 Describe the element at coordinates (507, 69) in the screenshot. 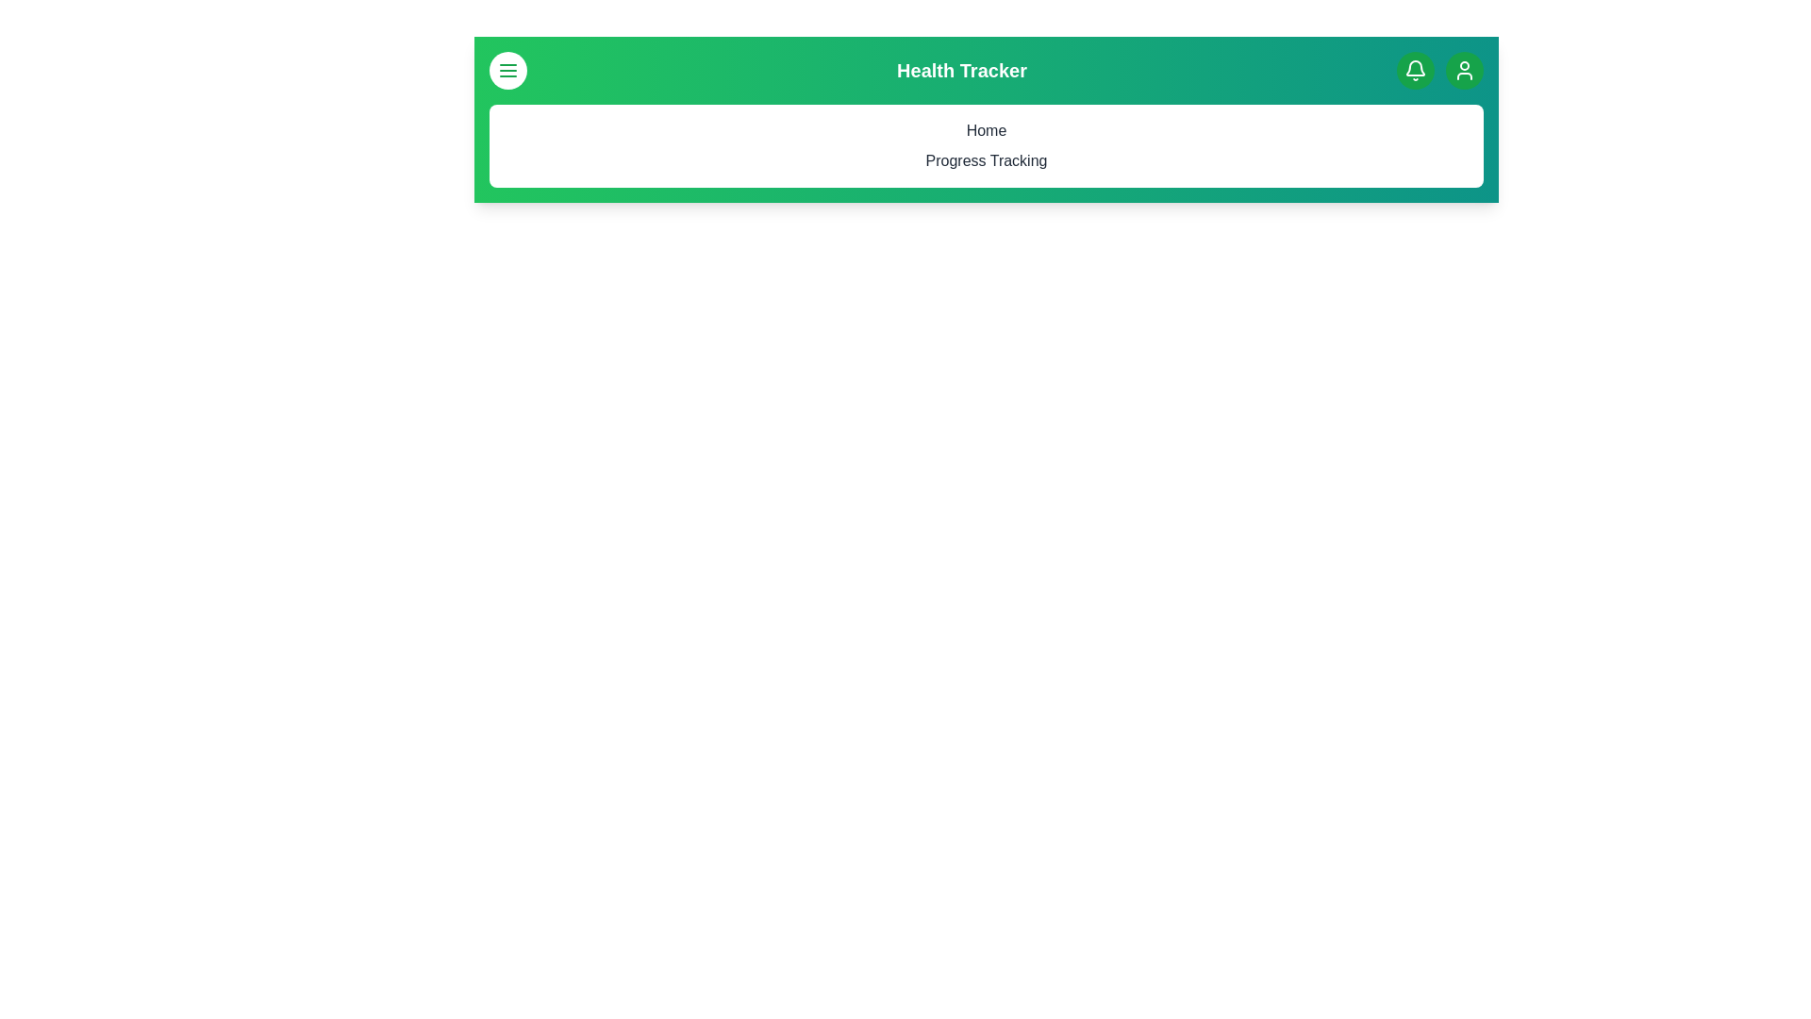

I see `menu button to toggle the menu visibility` at that location.